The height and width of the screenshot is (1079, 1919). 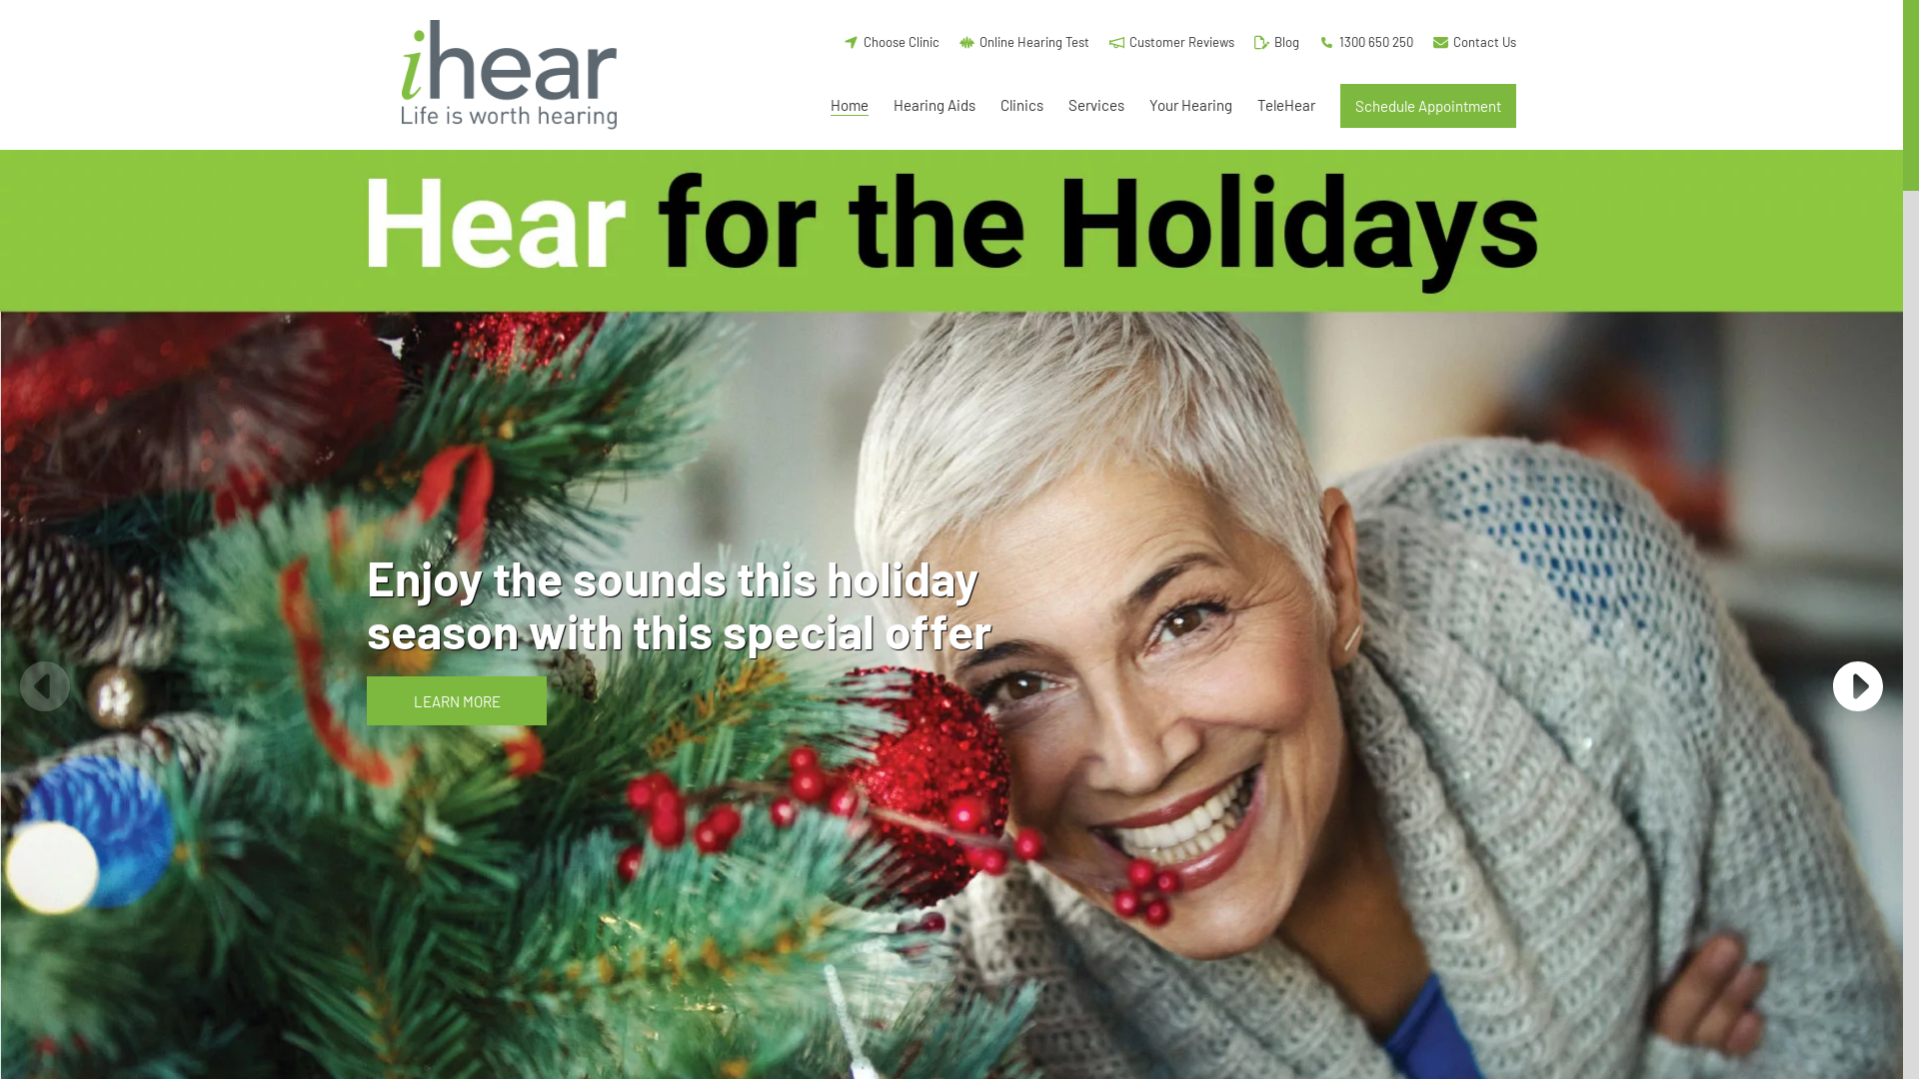 What do you see at coordinates (934, 105) in the screenshot?
I see `'Hearing Aids'` at bounding box center [934, 105].